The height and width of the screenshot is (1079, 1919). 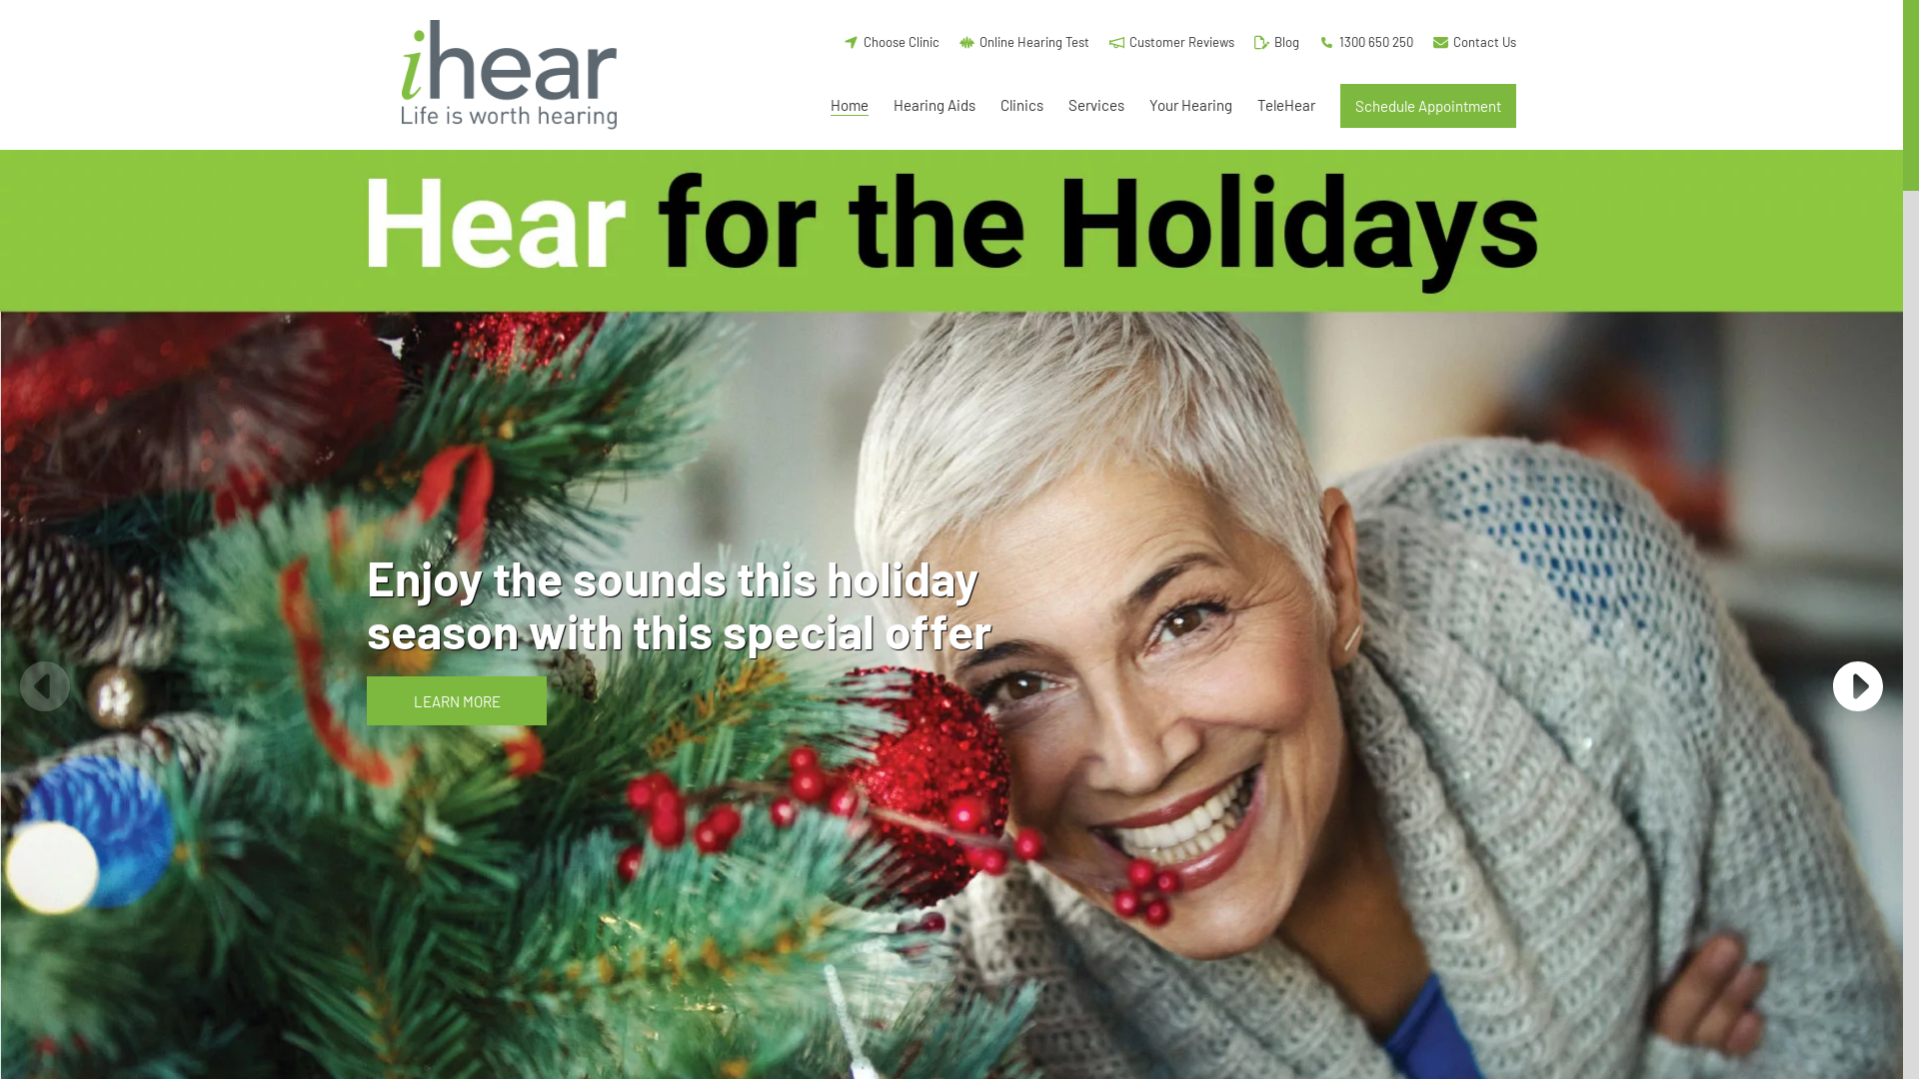 What do you see at coordinates (934, 105) in the screenshot?
I see `'Hearing Aids'` at bounding box center [934, 105].